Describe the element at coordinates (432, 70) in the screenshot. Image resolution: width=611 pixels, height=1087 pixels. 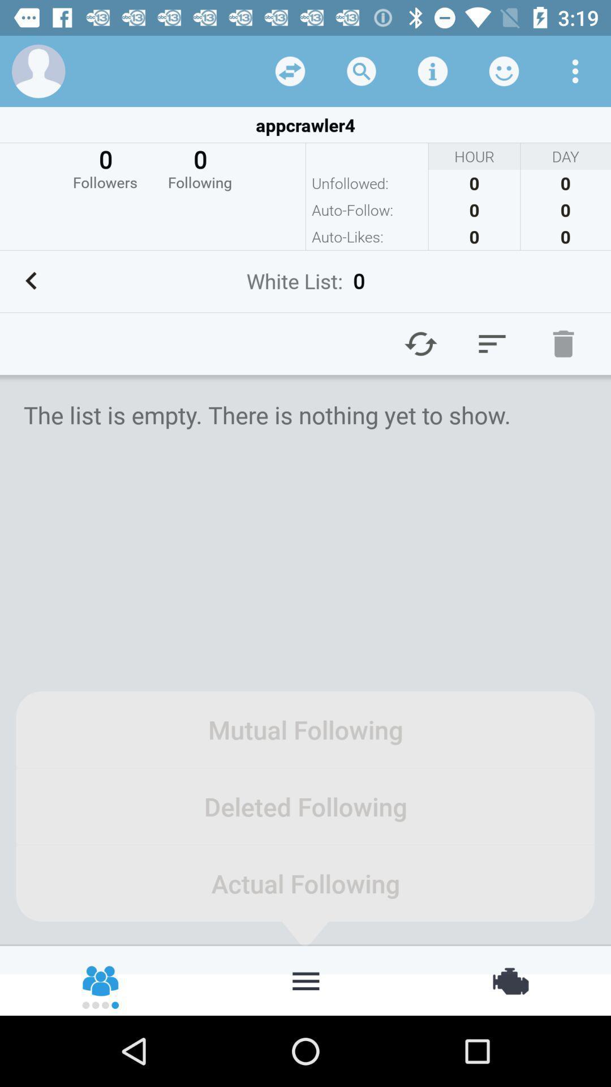
I see `save` at that location.